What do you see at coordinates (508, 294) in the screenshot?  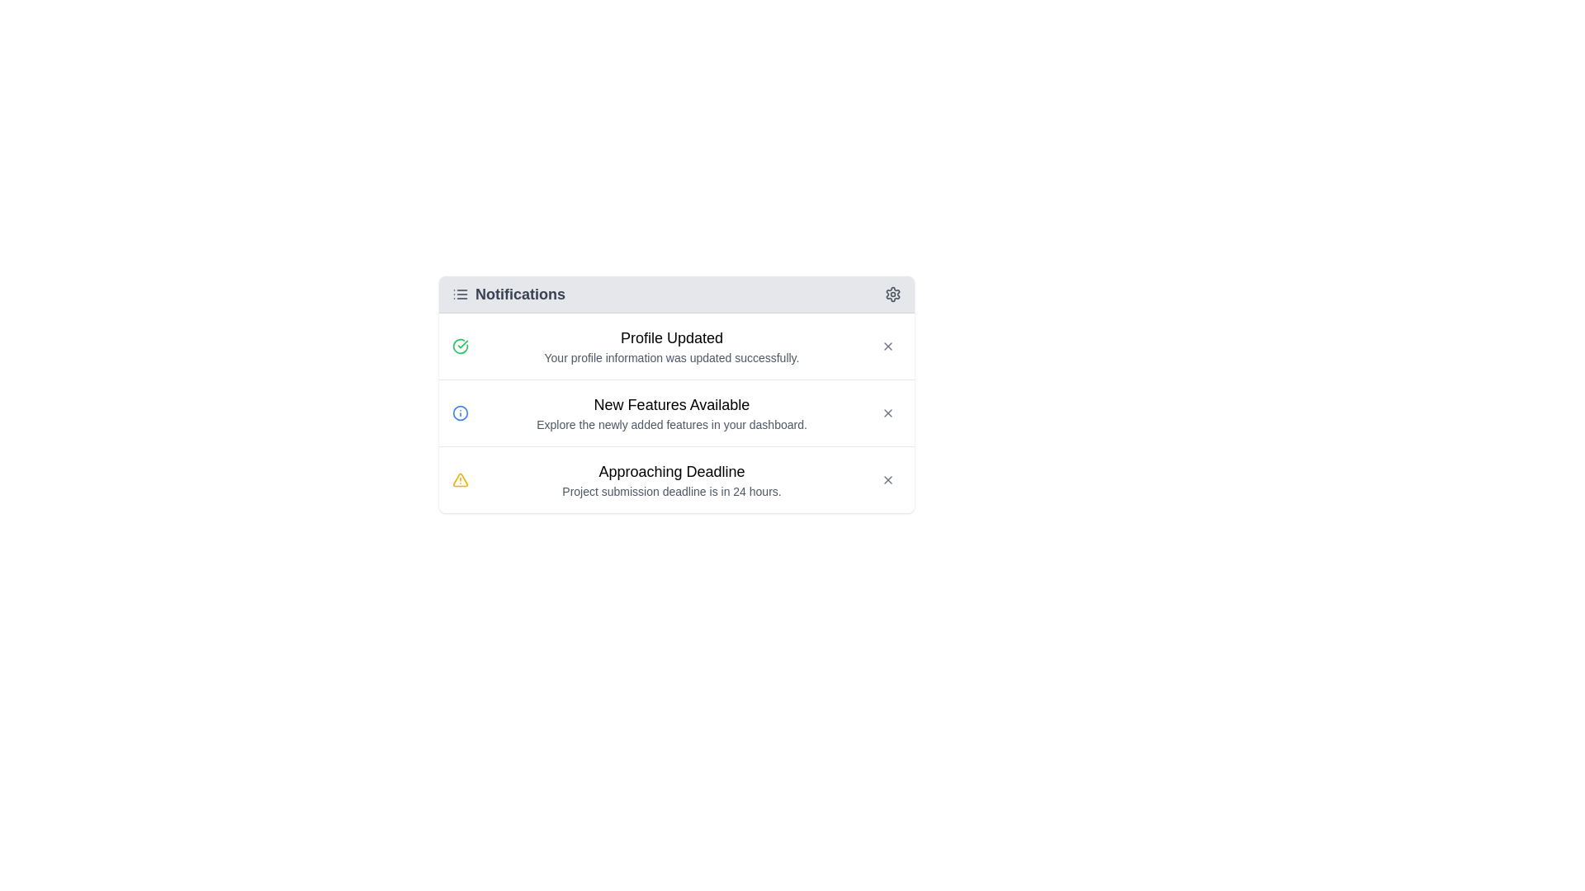 I see `the Text Label with Icon located to the left side of the notification panel header, which provides context about the displayed information` at bounding box center [508, 294].